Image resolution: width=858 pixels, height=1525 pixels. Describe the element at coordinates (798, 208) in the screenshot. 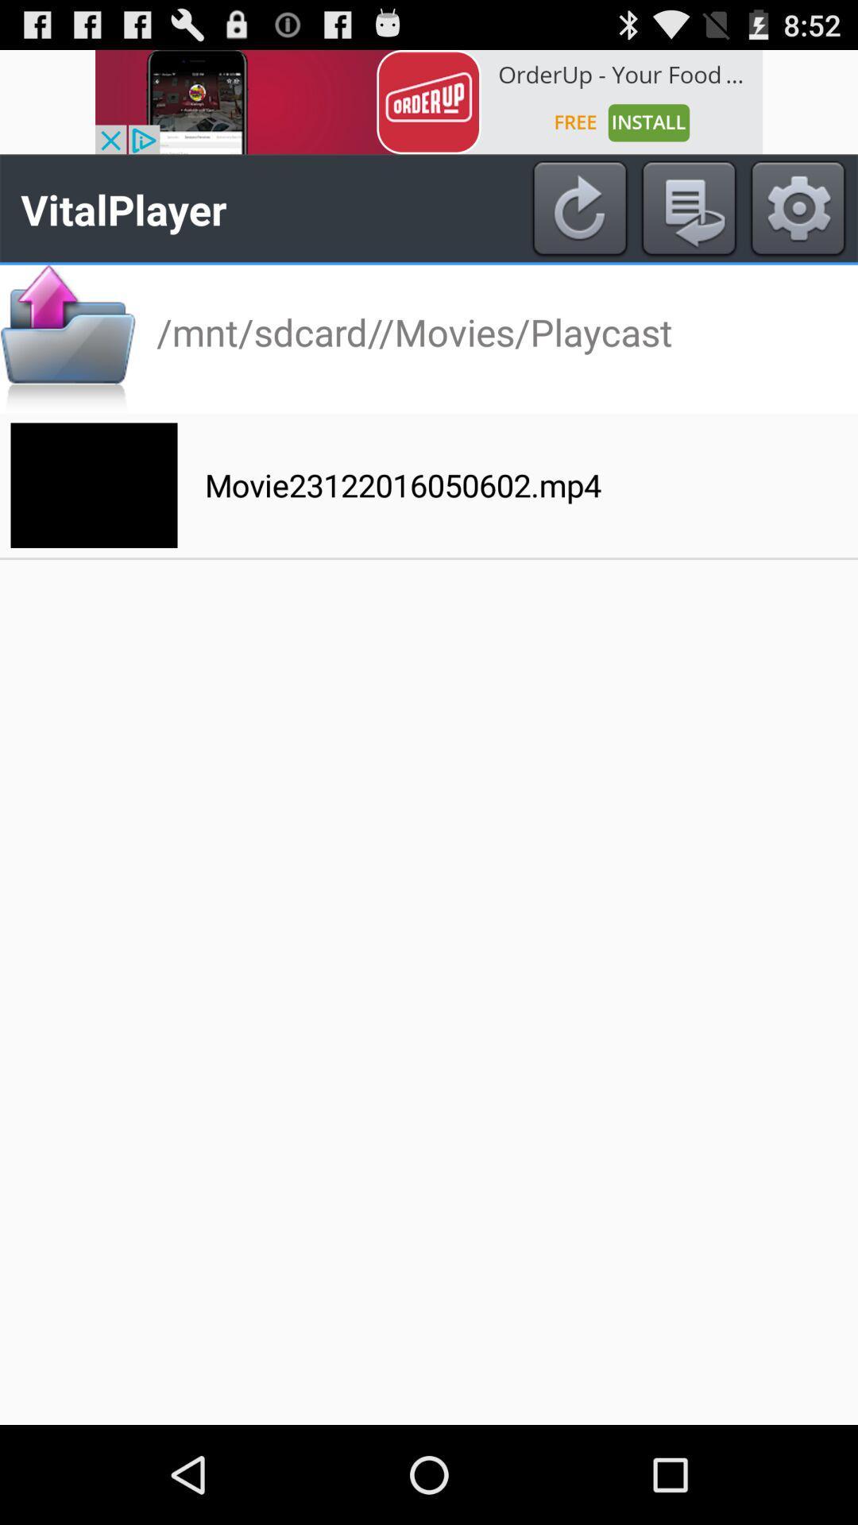

I see `settings` at that location.